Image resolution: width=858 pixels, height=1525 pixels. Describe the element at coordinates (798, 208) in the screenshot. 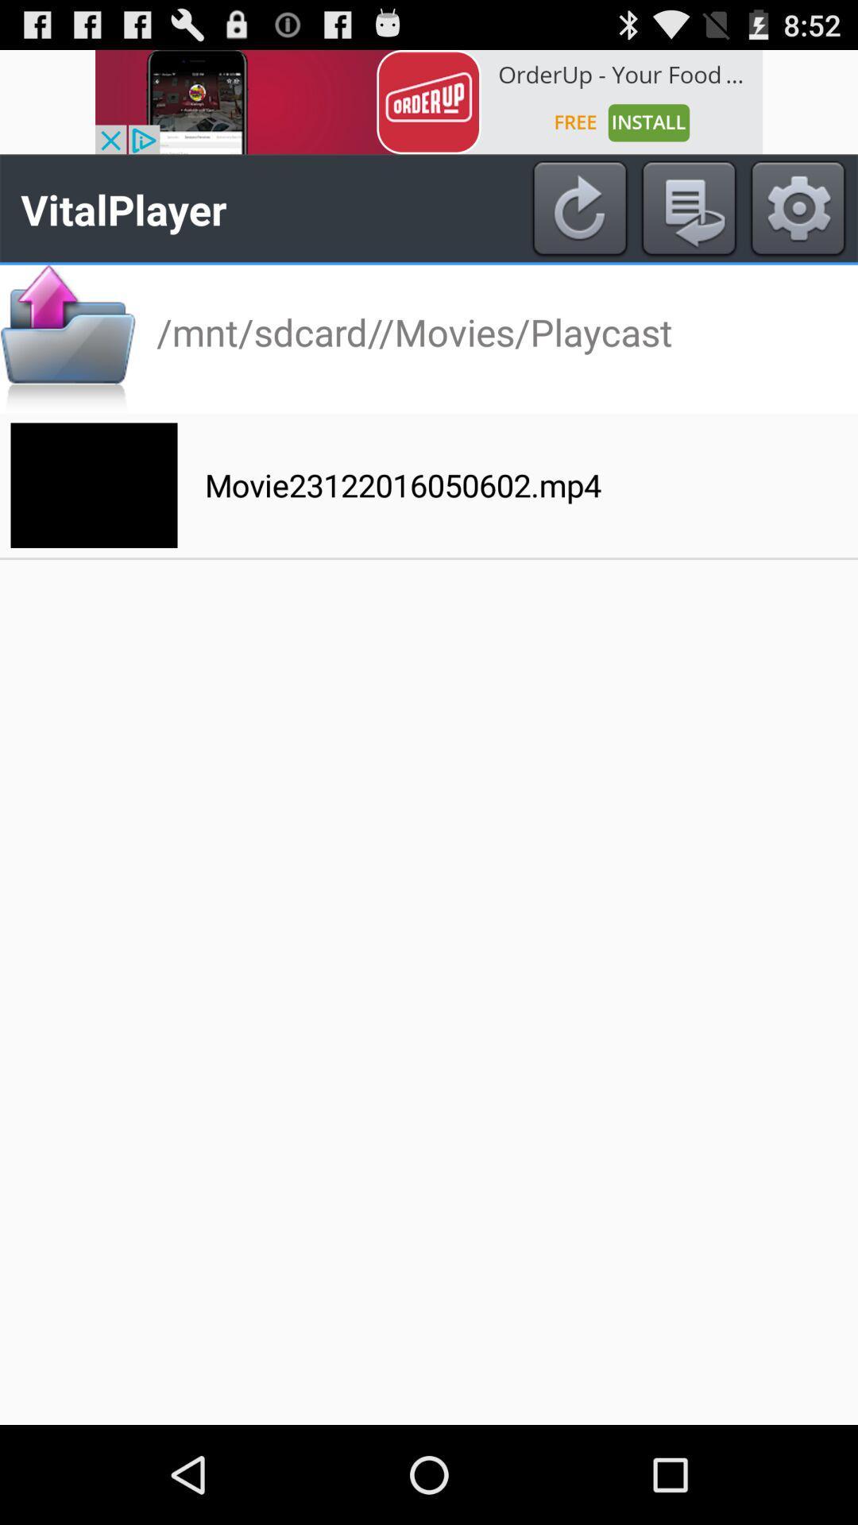

I see `settings` at that location.